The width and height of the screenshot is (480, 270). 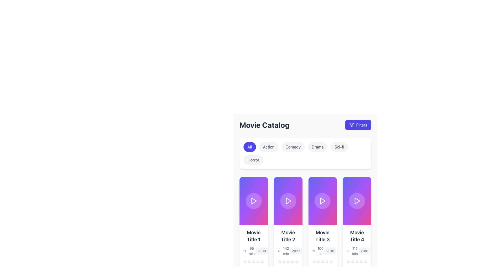 What do you see at coordinates (357, 261) in the screenshot?
I see `the fourth star icon in the movie rating system` at bounding box center [357, 261].